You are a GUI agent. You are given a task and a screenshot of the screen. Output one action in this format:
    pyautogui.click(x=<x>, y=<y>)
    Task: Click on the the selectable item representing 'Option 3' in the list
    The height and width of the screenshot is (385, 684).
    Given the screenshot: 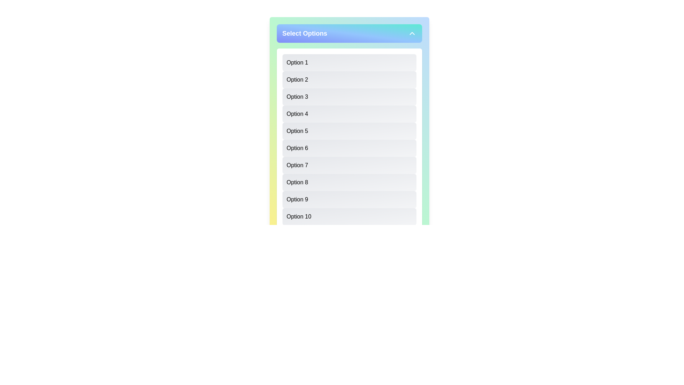 What is the action you would take?
    pyautogui.click(x=349, y=97)
    